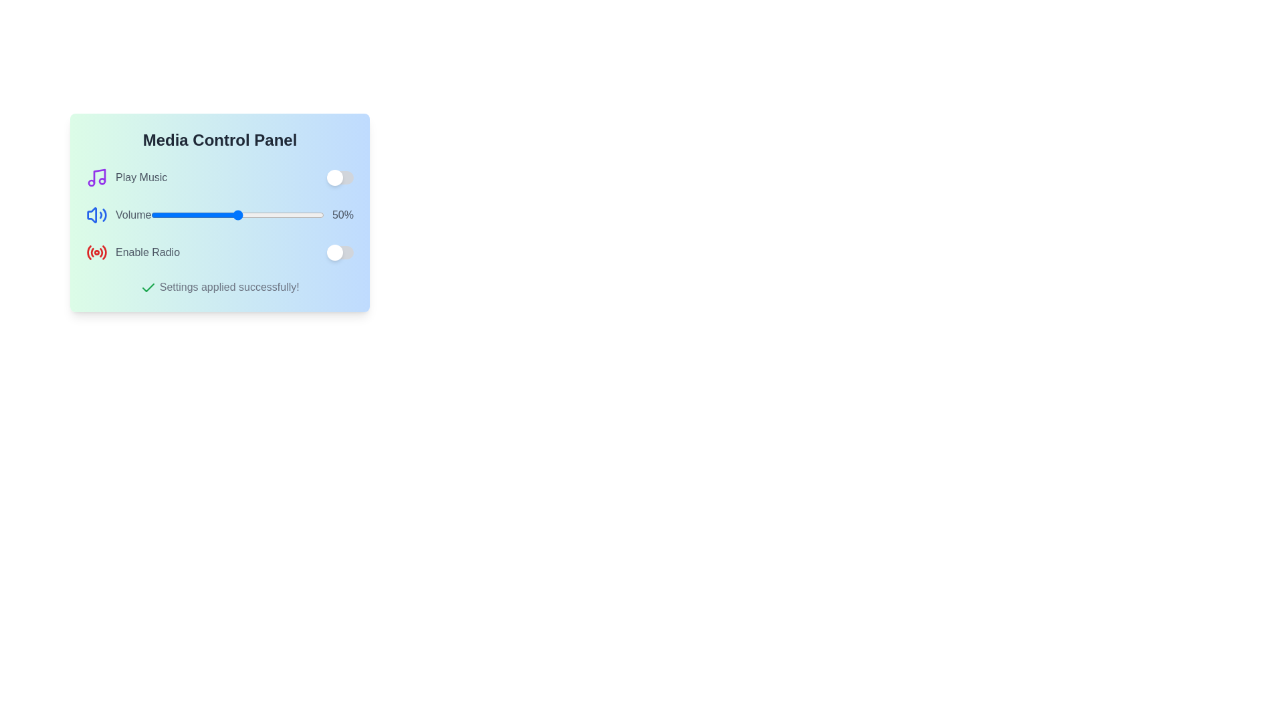  I want to click on the 'Play Music' text label styled in gray font, located in the Media Control Panel, adjacent to the purple musical note icon, so click(141, 177).